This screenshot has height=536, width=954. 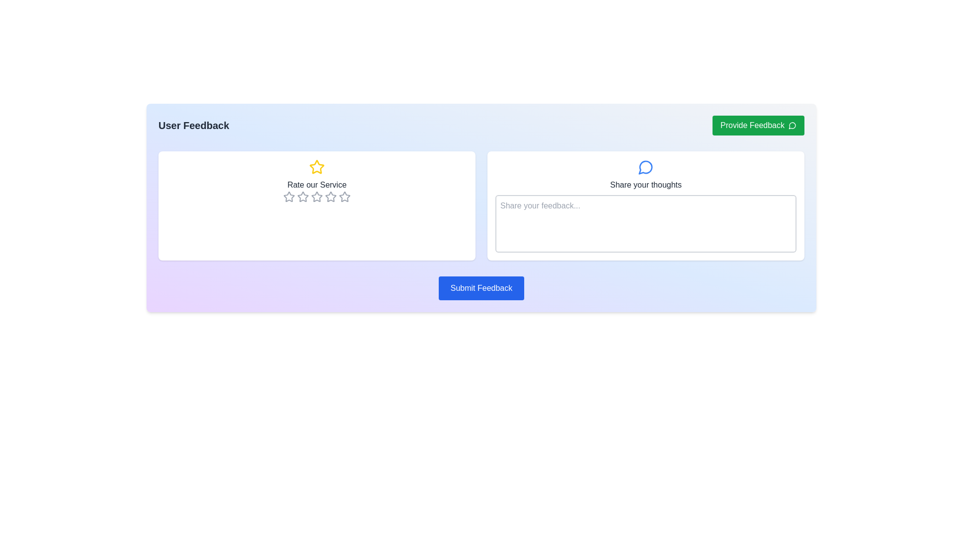 I want to click on the chat or speech bubble icon inside the 'Provide Feedback' button located in the top-right corner of the interface, so click(x=792, y=125).